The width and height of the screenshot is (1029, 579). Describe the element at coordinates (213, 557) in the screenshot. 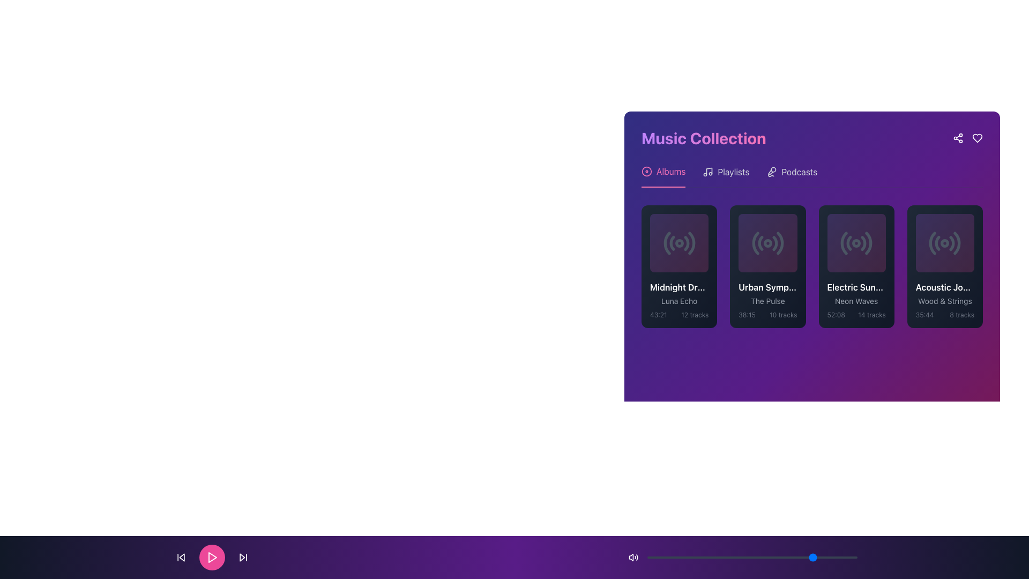

I see `the 'Play' button located in the middle of the bottom navigation bar` at that location.